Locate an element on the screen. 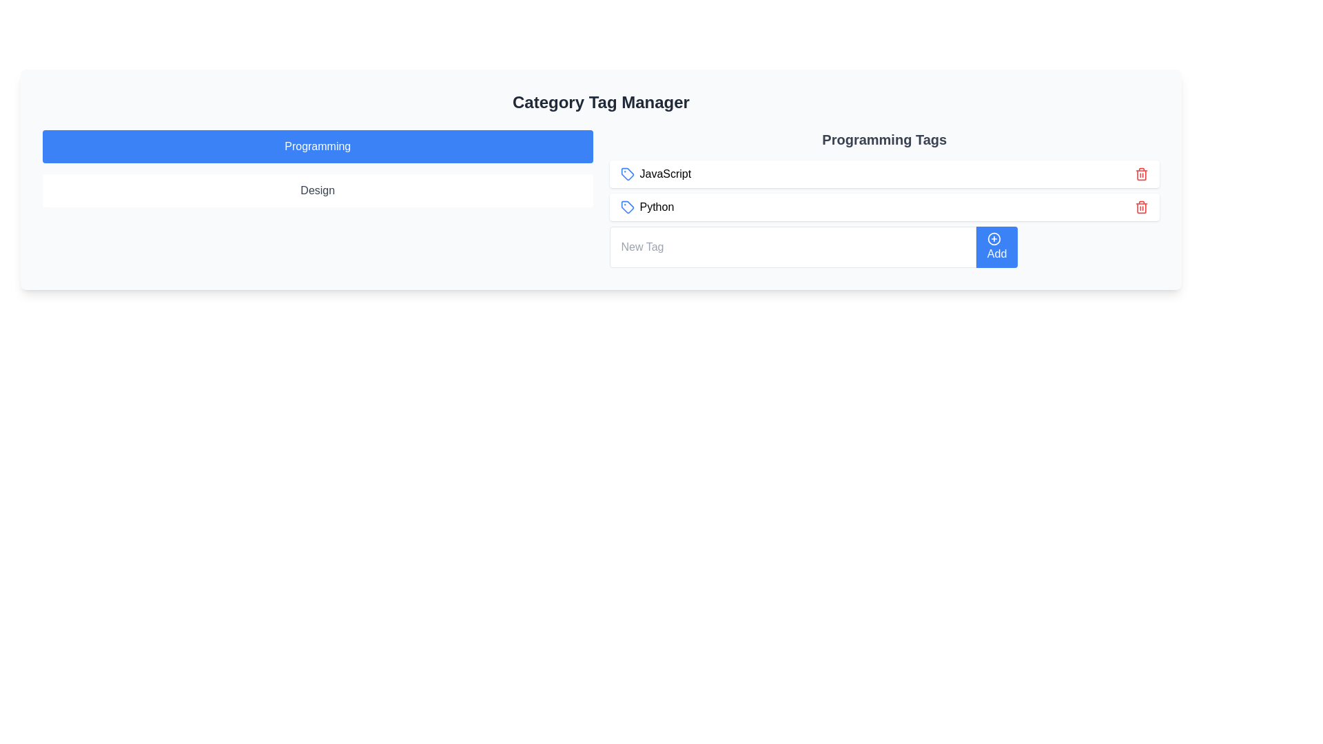 This screenshot has height=744, width=1323. the red trash bin icon button located at the far right side of the row containing the text 'JavaScript' is located at coordinates (1141, 174).